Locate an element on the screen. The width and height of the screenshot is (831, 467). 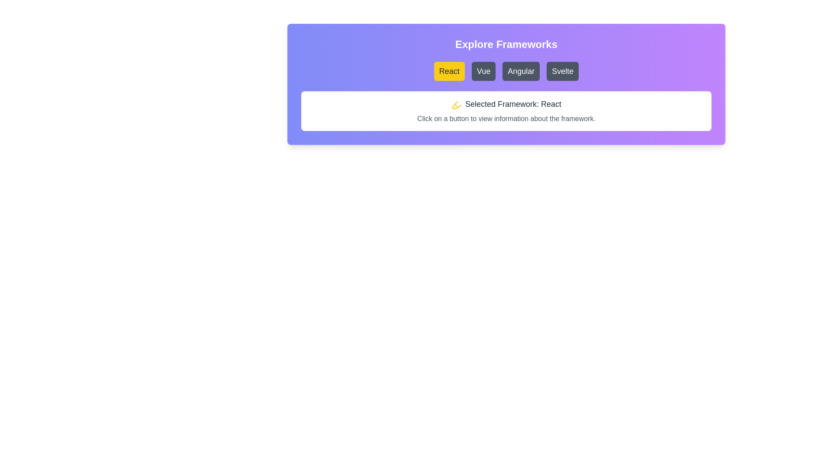
the second button labeled 'Vue' is located at coordinates (483, 71).